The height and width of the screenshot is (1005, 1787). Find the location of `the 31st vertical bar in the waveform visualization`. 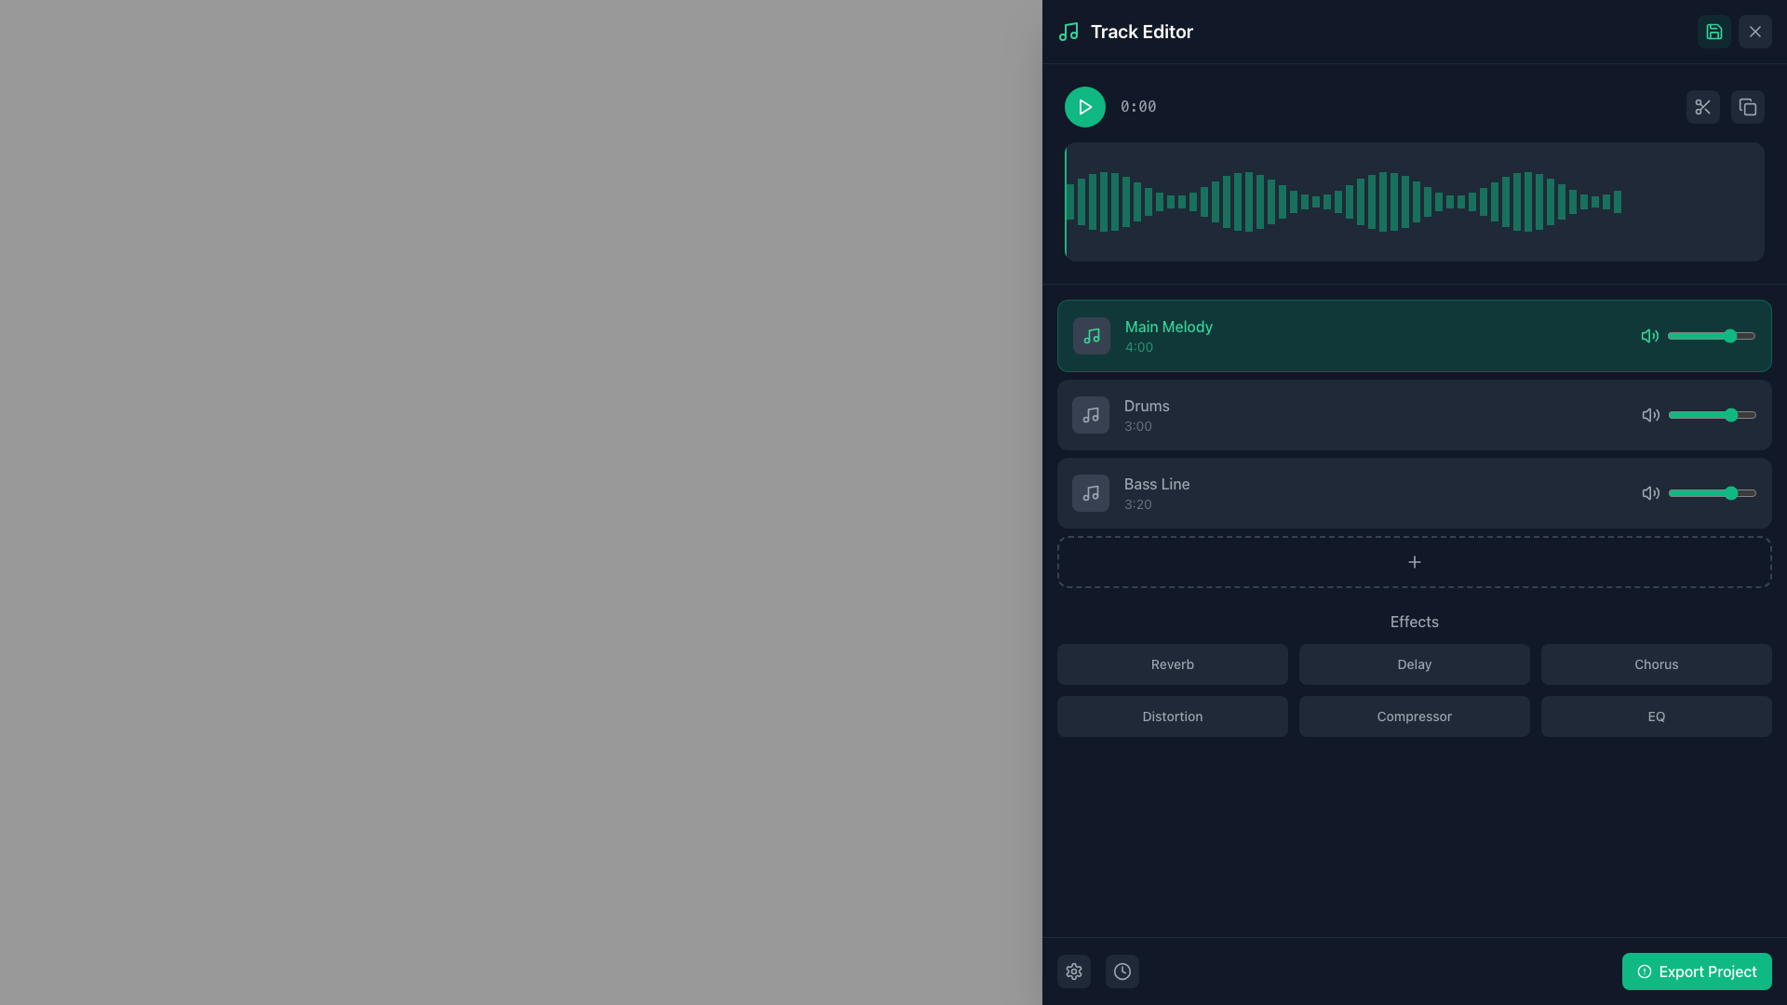

the 31st vertical bar in the waveform visualization is located at coordinates (1415, 201).